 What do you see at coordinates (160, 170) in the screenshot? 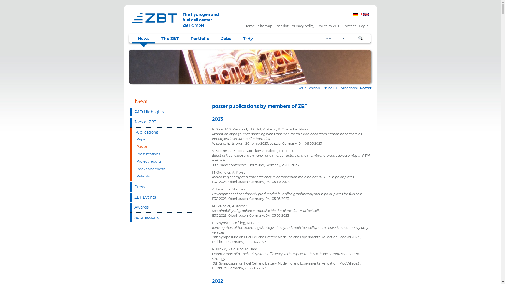
I see `'Books and thesis'` at bounding box center [160, 170].